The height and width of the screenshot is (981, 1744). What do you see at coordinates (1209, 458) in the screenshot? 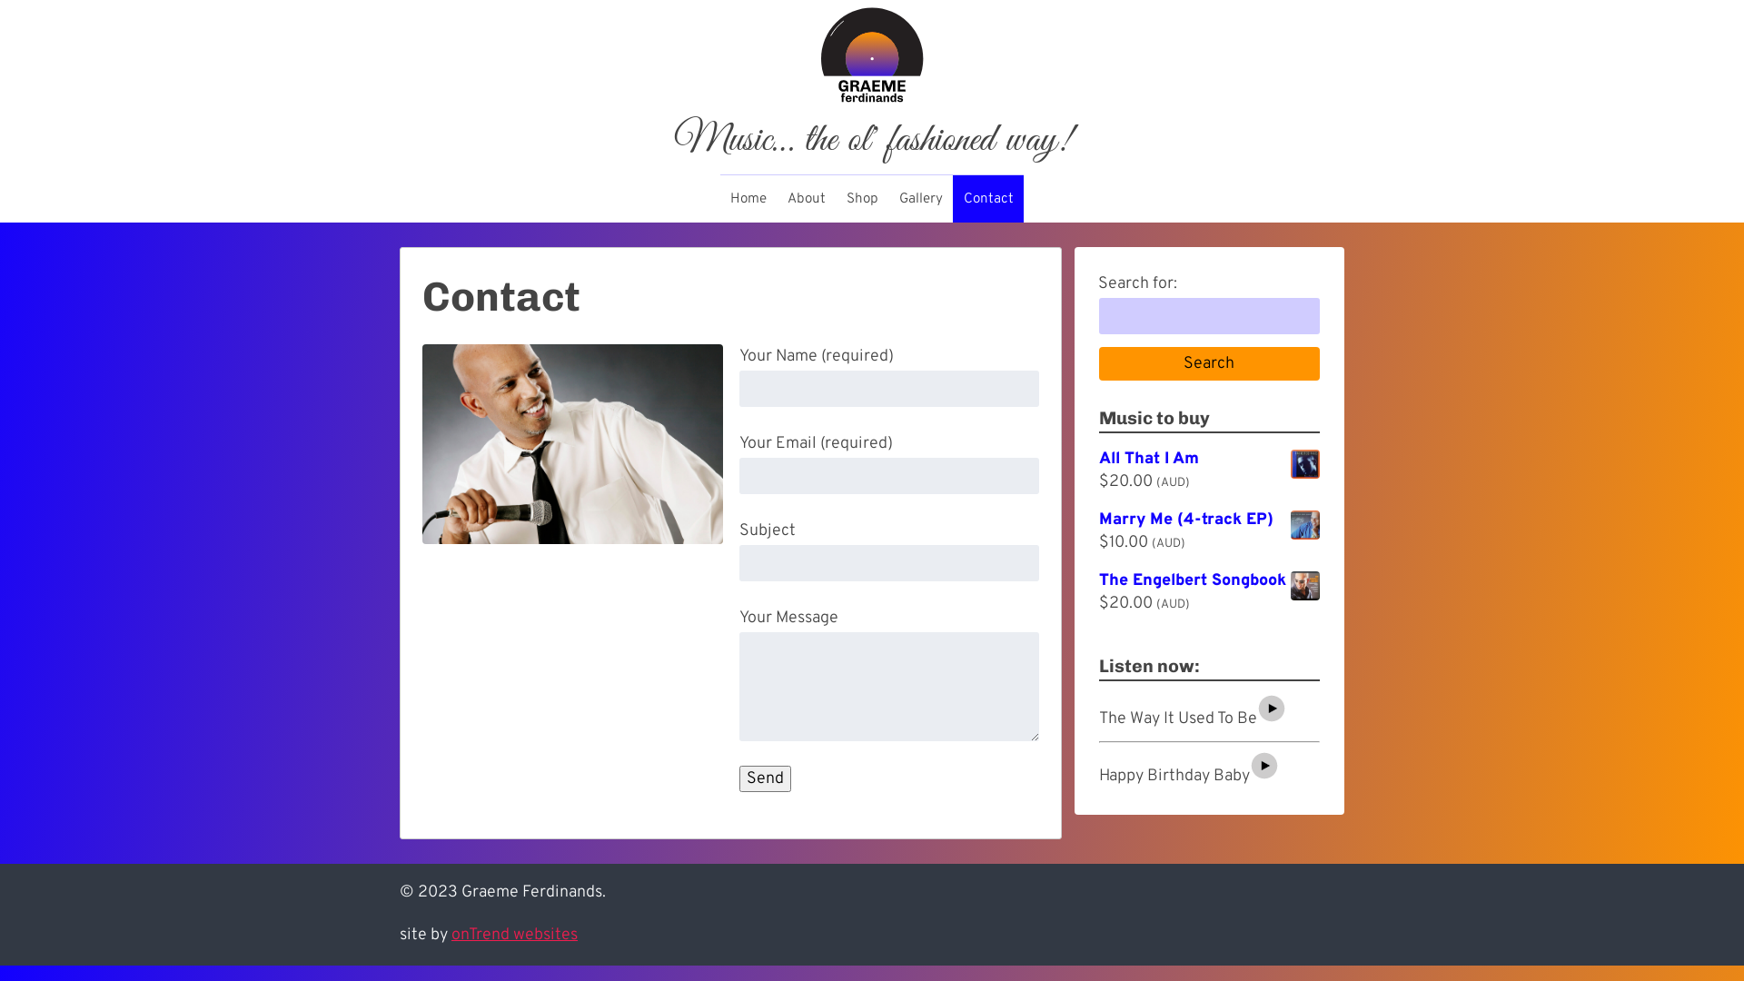
I see `'All That I Am'` at bounding box center [1209, 458].